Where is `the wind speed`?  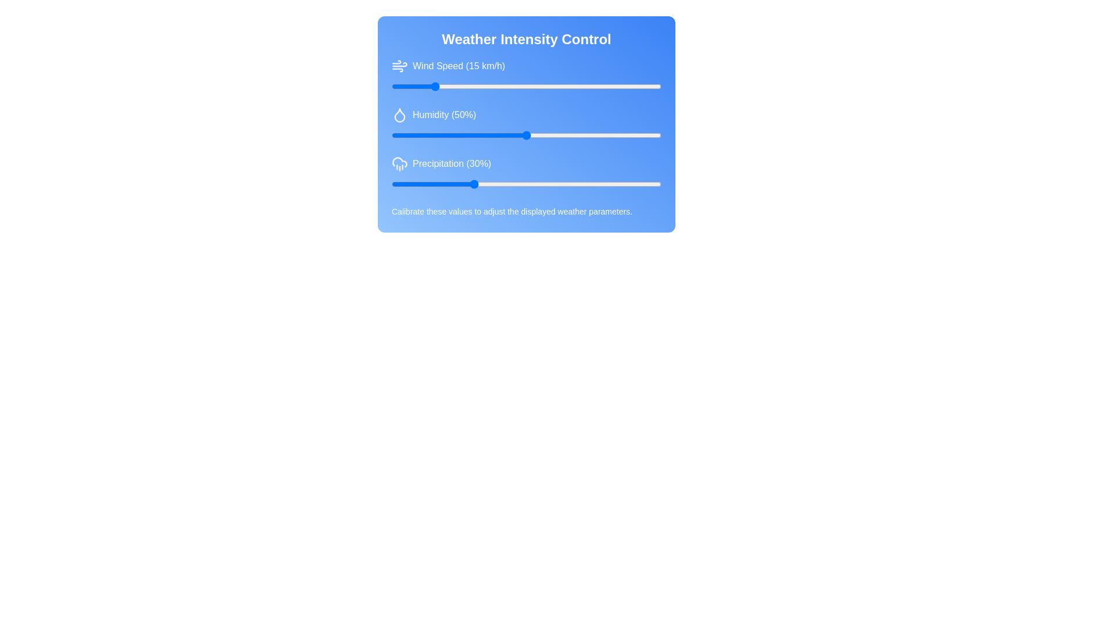 the wind speed is located at coordinates (518, 86).